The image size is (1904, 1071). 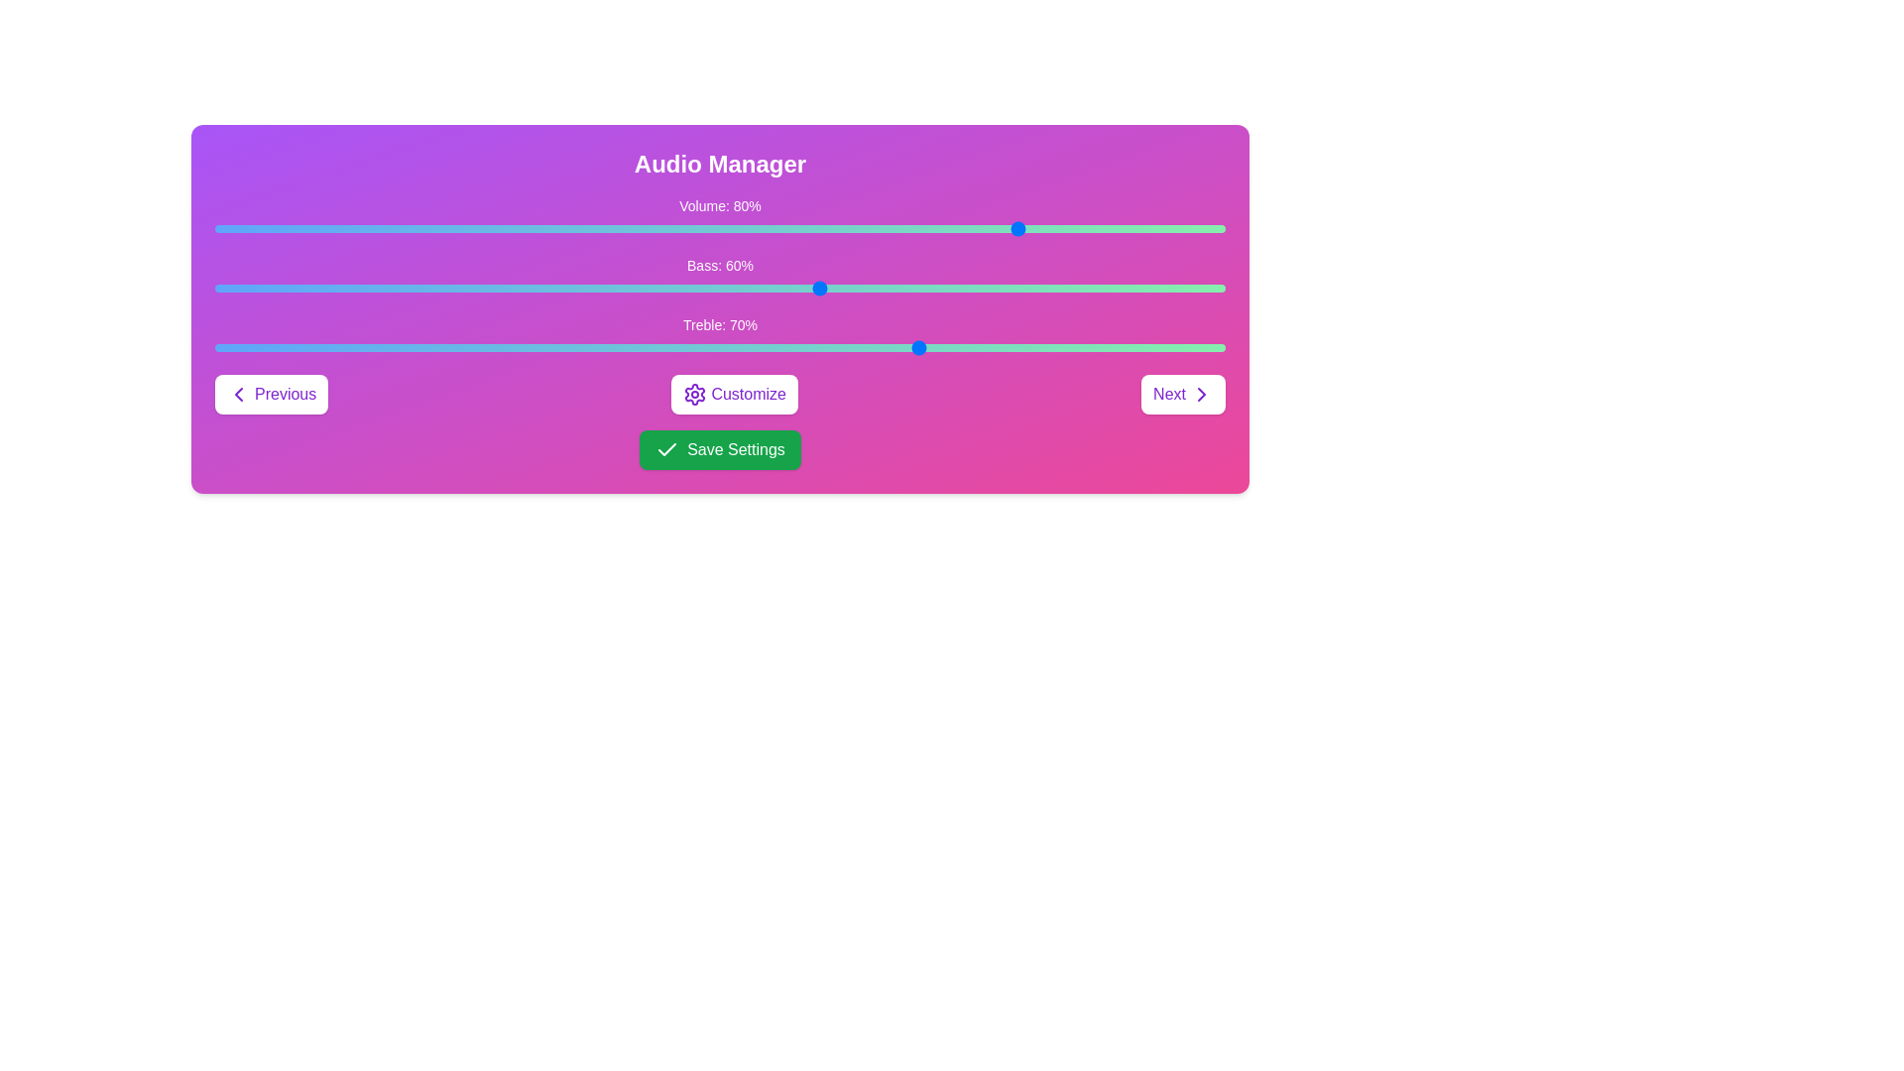 What do you see at coordinates (446, 288) in the screenshot?
I see `bass level` at bounding box center [446, 288].